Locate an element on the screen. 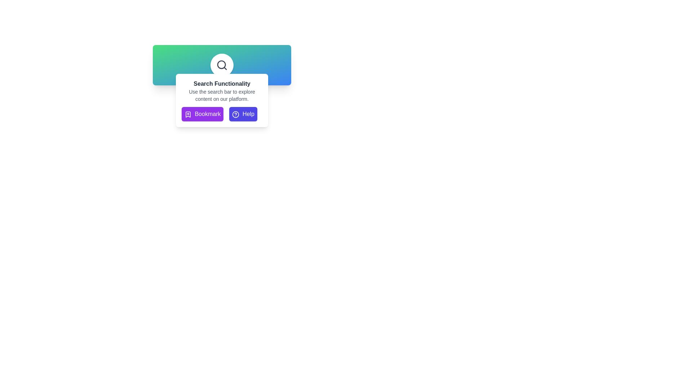 Image resolution: width=692 pixels, height=389 pixels. the magnifying glass icon for search functionality, which is centered within a white circular button above the 'Search Functionality' panel is located at coordinates (221, 65).